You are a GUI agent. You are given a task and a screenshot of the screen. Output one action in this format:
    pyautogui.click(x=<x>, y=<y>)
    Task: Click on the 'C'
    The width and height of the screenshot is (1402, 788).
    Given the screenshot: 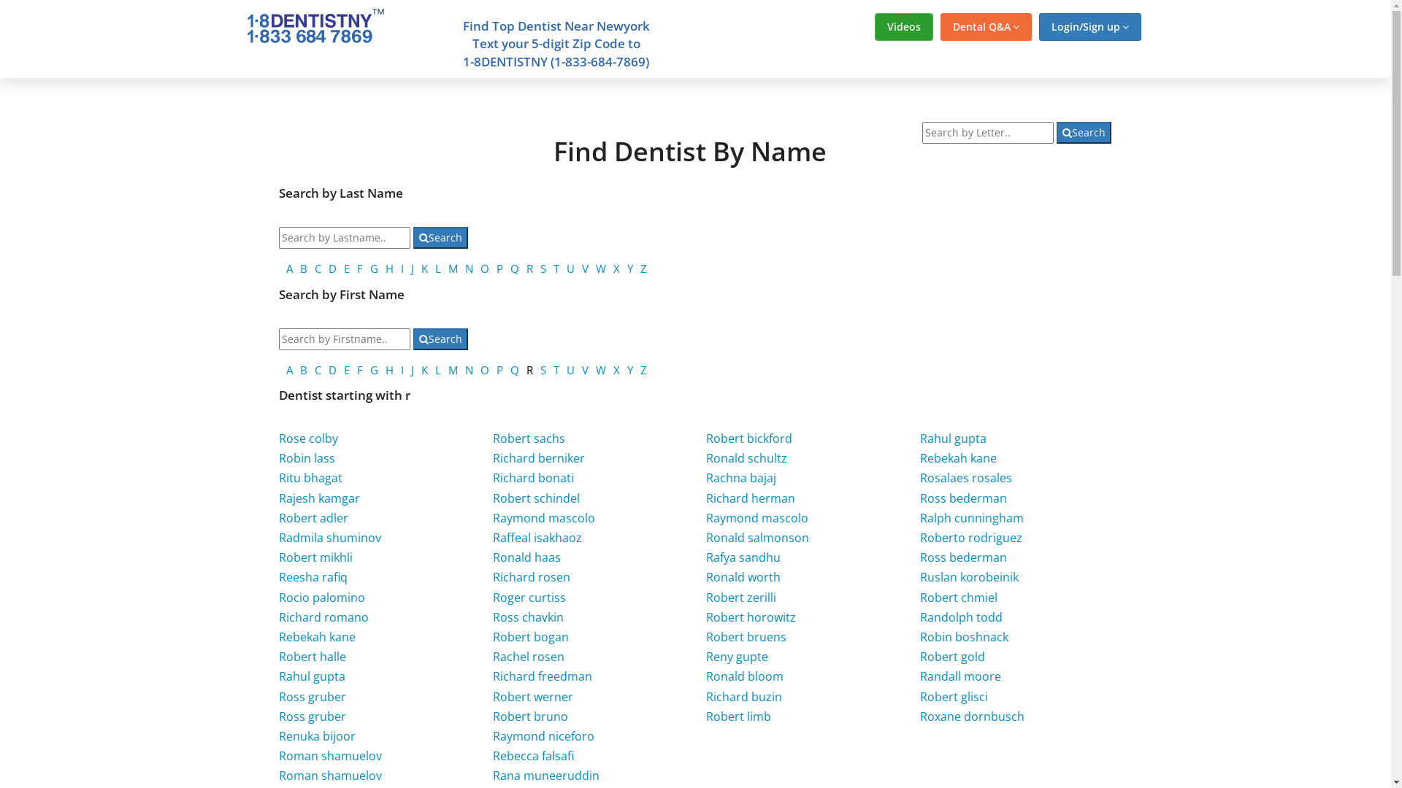 What is the action you would take?
    pyautogui.click(x=314, y=368)
    